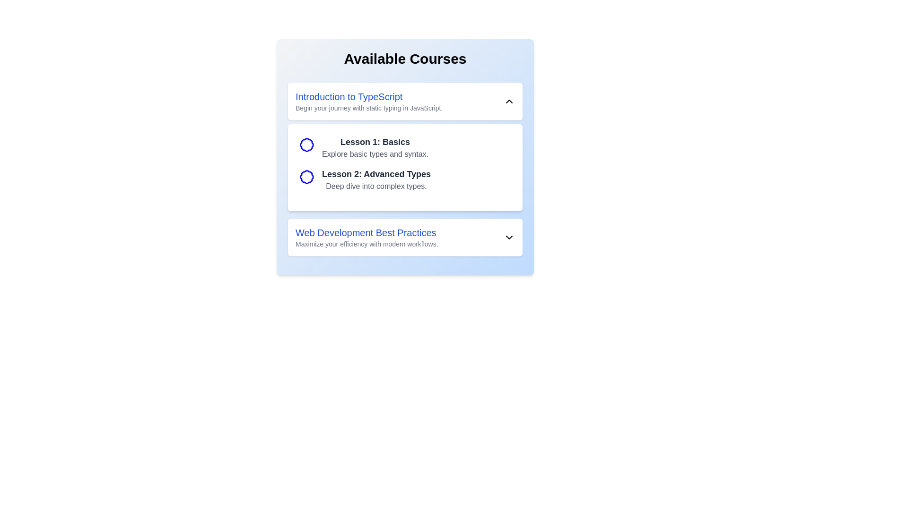 The image size is (908, 510). I want to click on the Collapsible Section Header titled 'Introduction to TypeScript', so click(405, 102).